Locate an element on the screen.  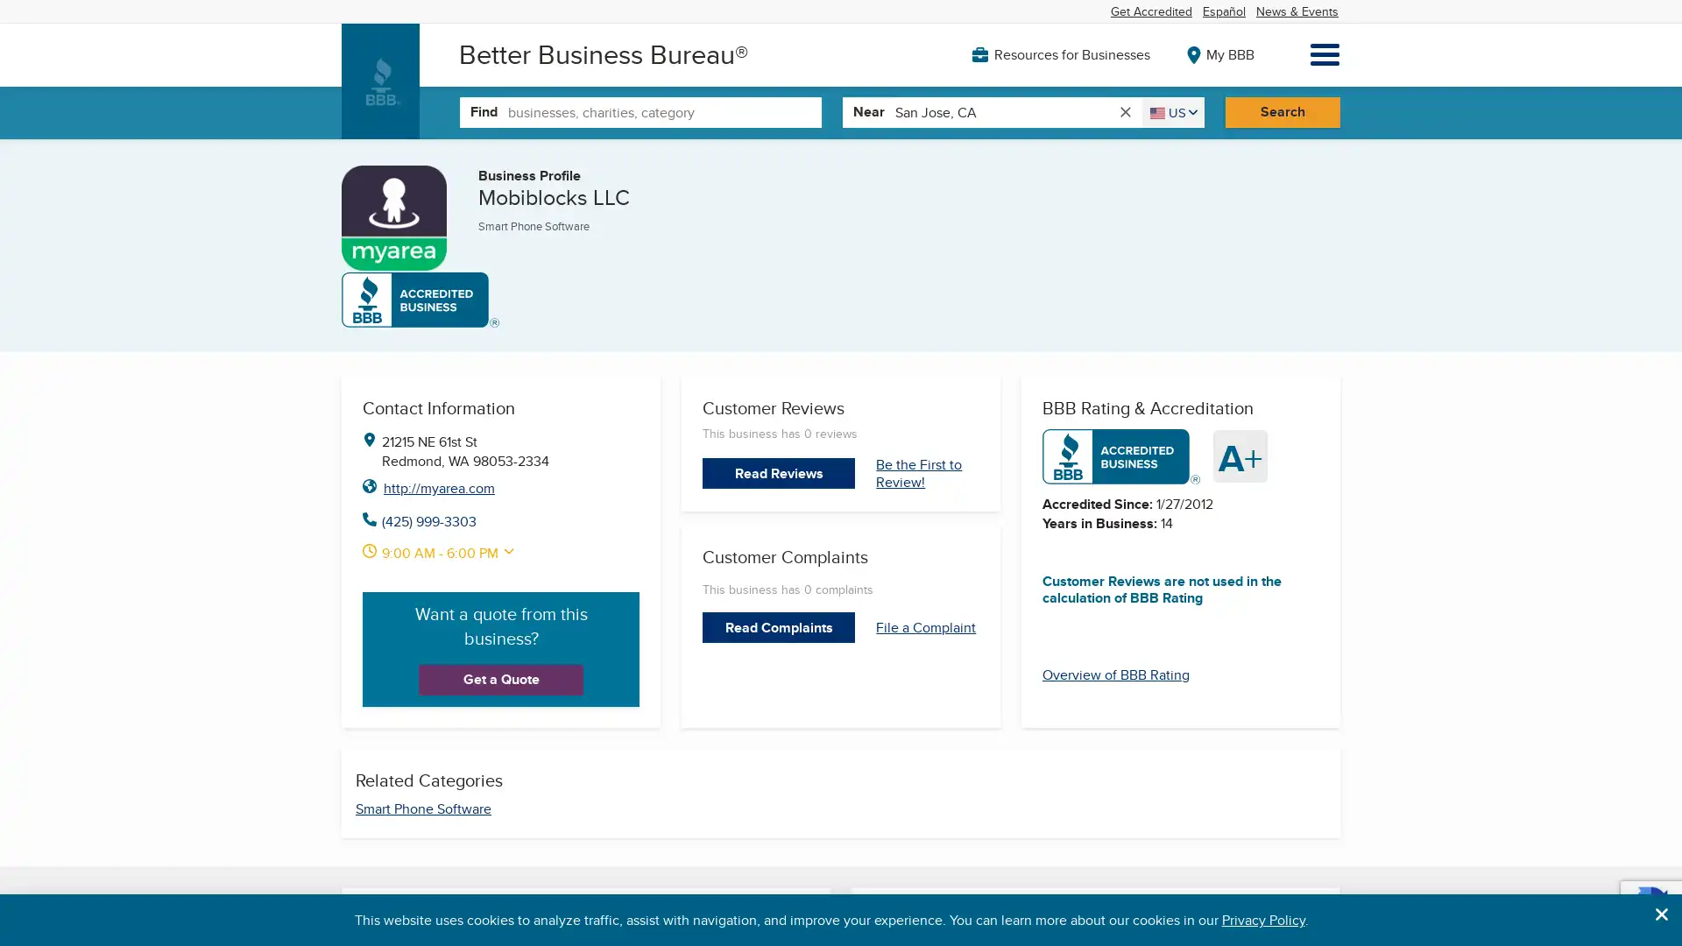
My BBB is located at coordinates (1214, 53).